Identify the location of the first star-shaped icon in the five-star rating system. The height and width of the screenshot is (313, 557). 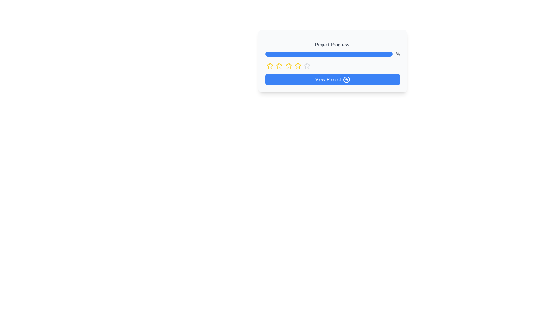
(270, 65).